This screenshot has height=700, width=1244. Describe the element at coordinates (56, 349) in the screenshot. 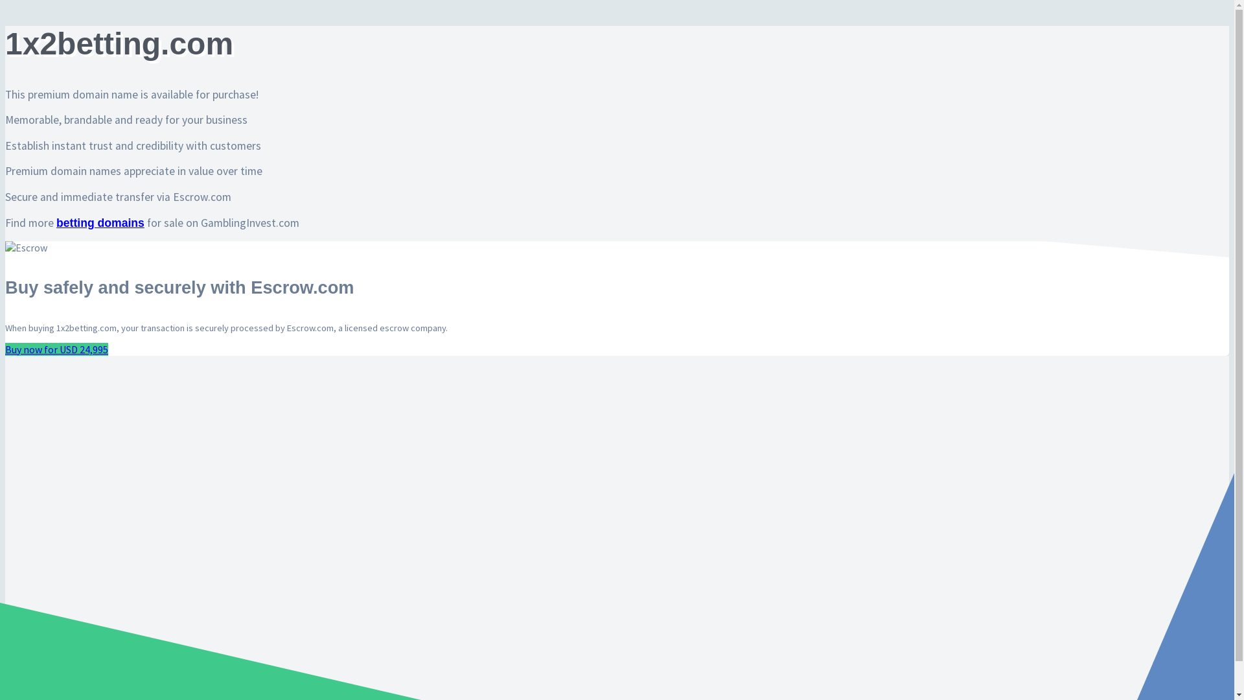

I see `'Buy now for USD 24,995'` at that location.